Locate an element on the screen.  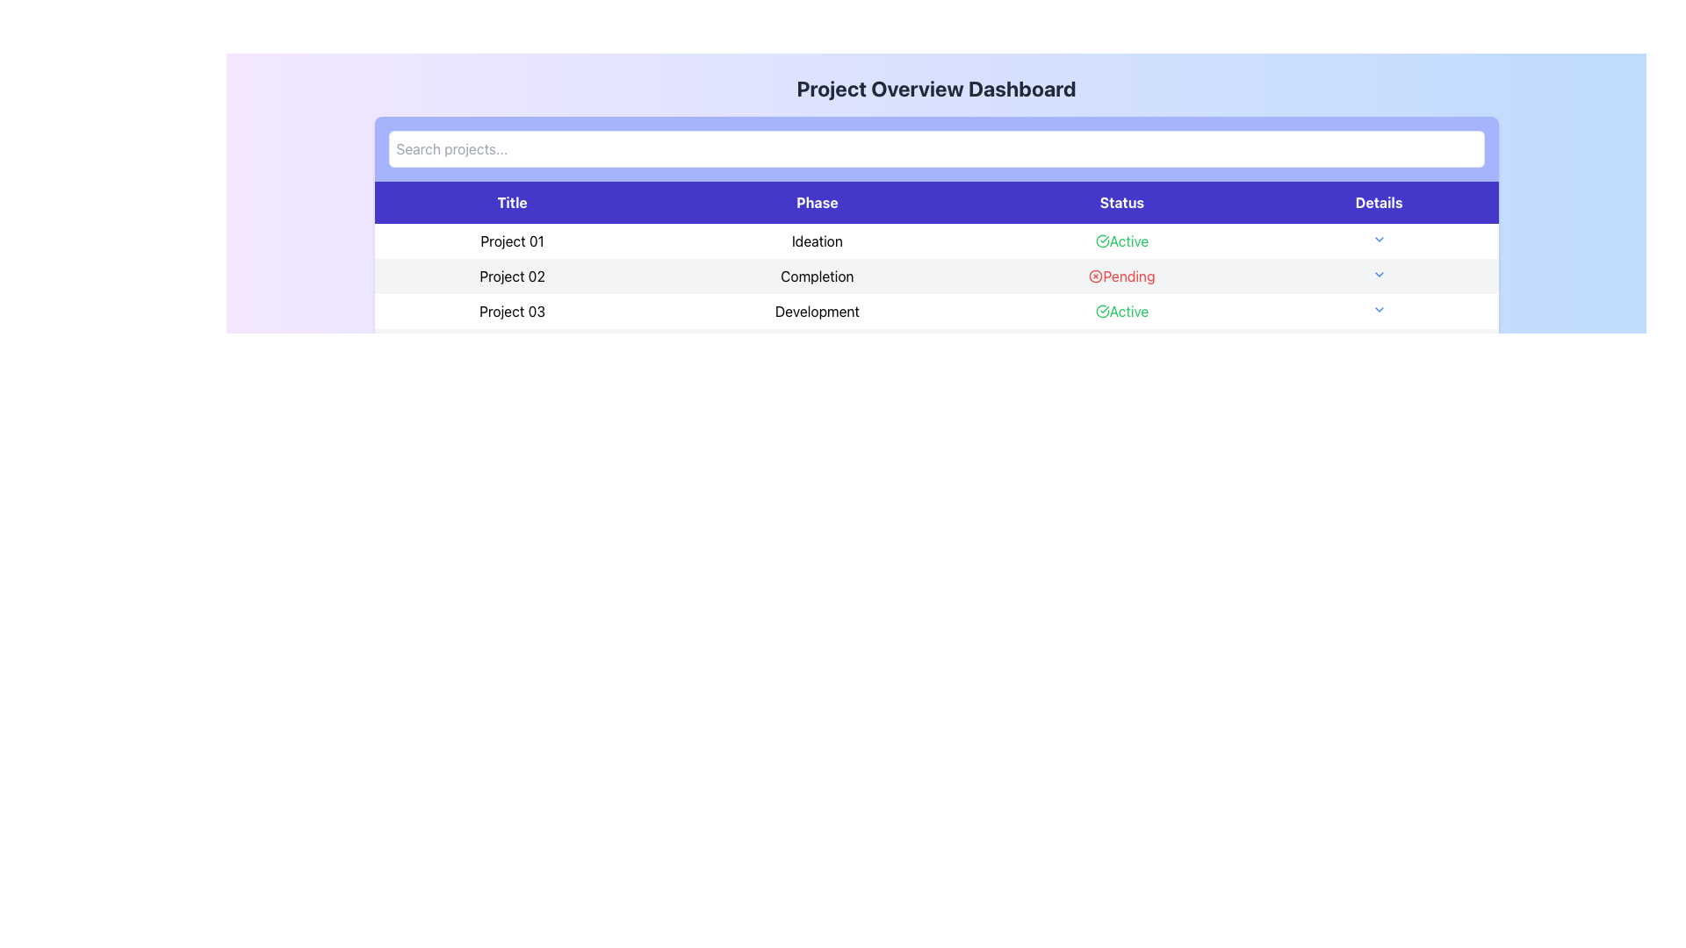
the 'Pending' status icon located in the 'Status' column of the second row in the project dashboard table, which serves as a visual indicator of incomplete status is located at coordinates (1095, 276).